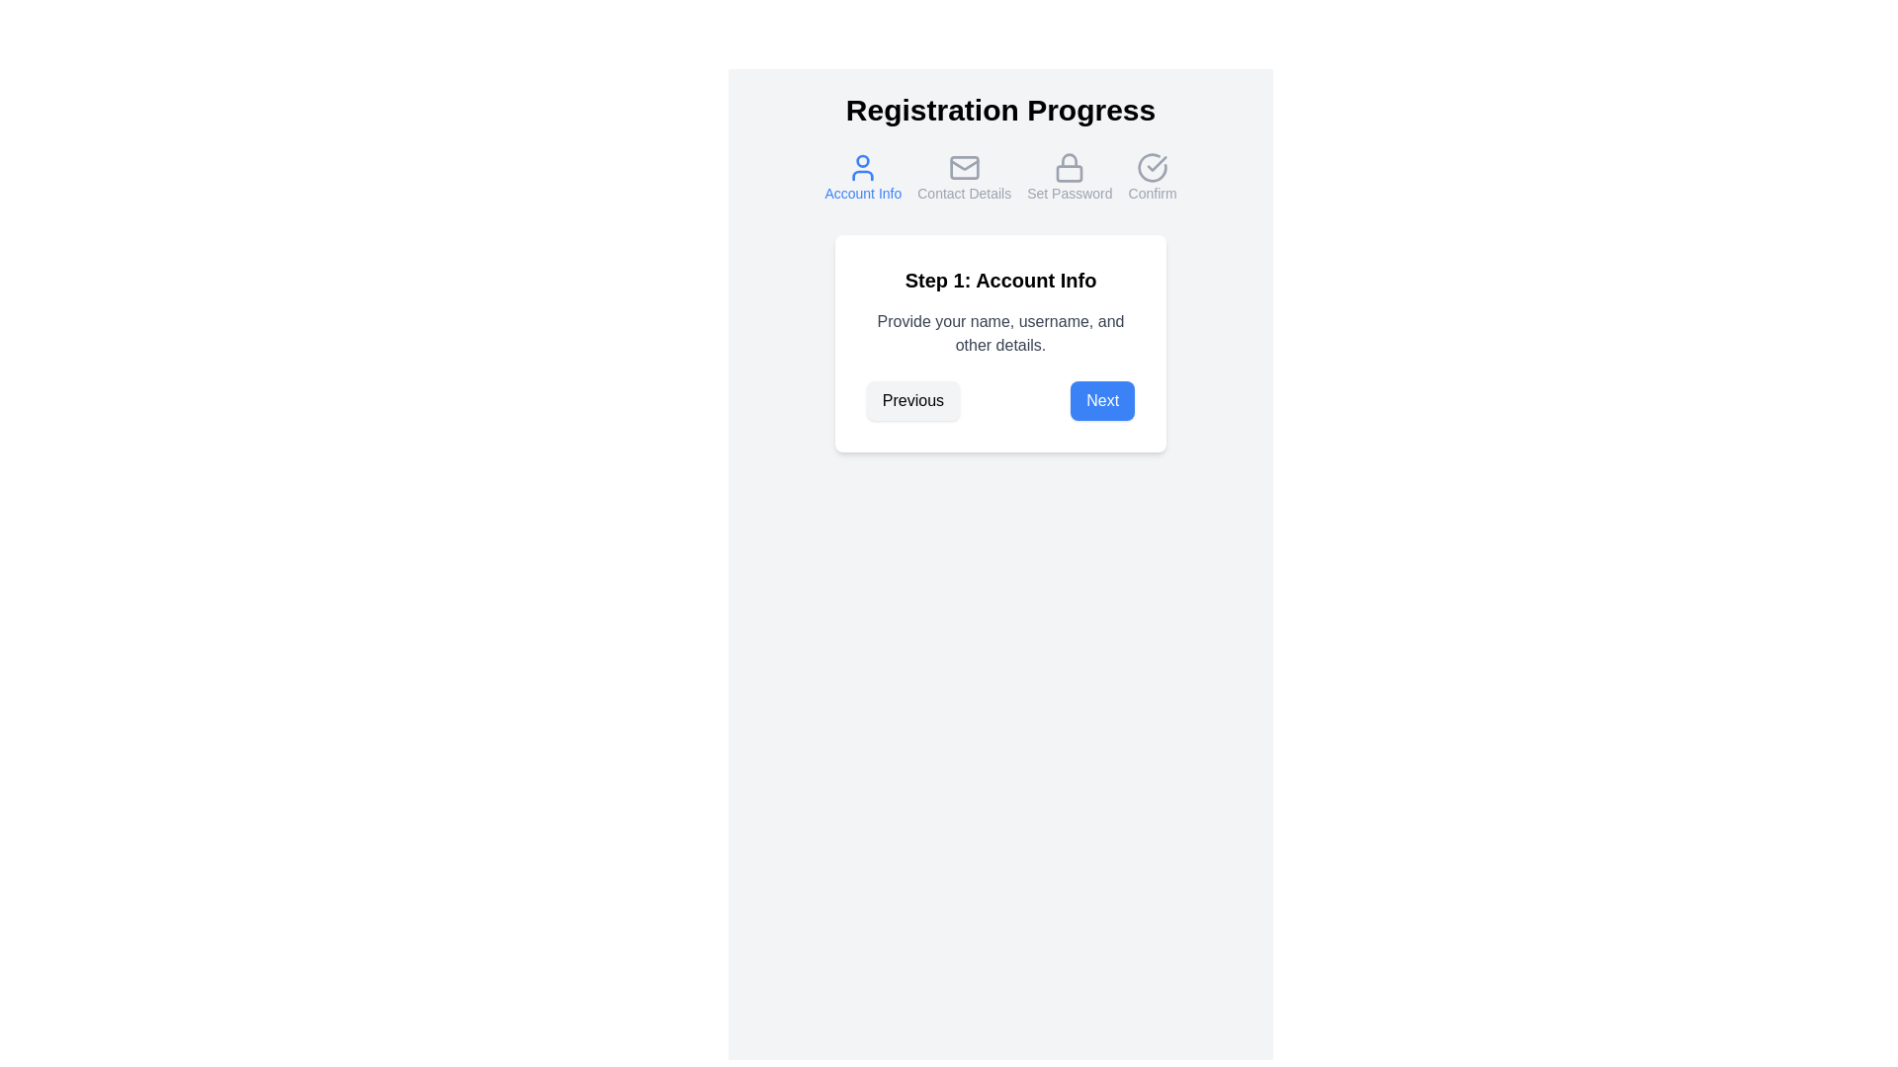 This screenshot has width=1898, height=1067. What do you see at coordinates (1153, 166) in the screenshot?
I see `the circle icon with a tick mark that signifies the completion of the 'Confirm' step in a registration process by clicking on it` at bounding box center [1153, 166].